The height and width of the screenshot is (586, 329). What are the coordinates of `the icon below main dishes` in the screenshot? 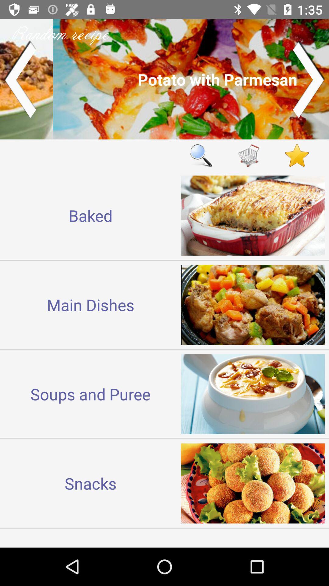 It's located at (90, 394).